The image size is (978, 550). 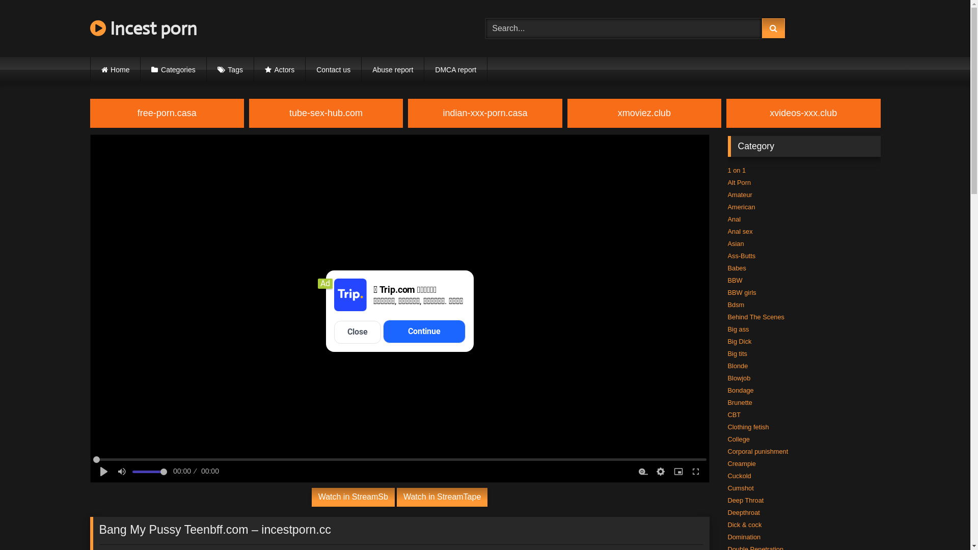 I want to click on 'Contact us', so click(x=305, y=69).